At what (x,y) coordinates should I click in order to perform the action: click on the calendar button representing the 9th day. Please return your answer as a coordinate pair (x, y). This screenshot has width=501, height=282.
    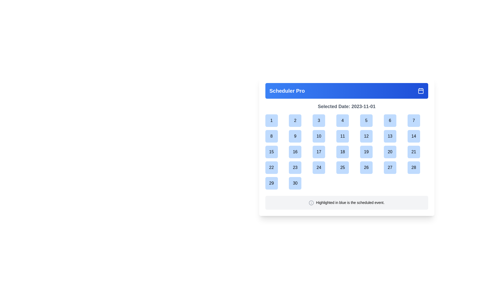
    Looking at the image, I should click on (299, 136).